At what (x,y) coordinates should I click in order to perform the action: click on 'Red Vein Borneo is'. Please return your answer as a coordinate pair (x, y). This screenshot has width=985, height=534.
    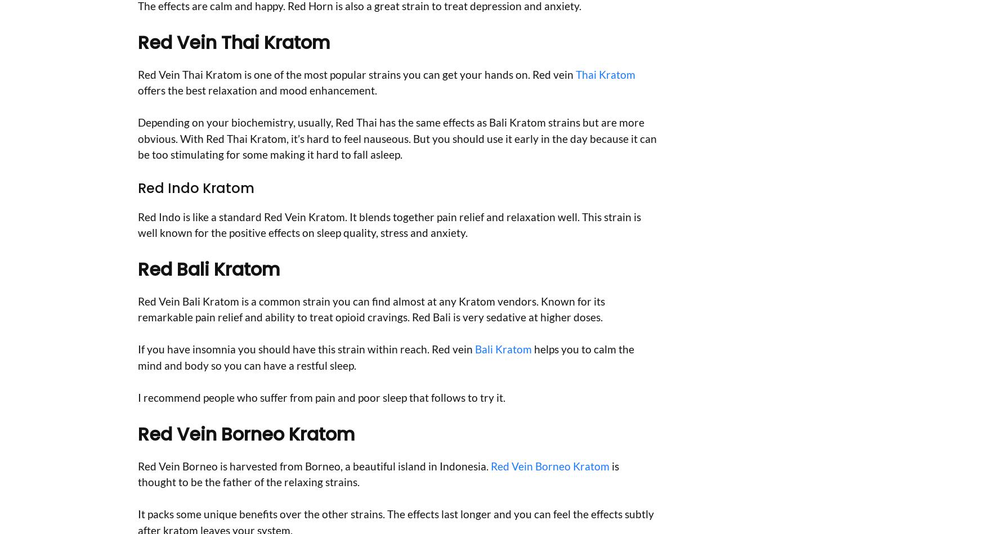
    Looking at the image, I should click on (182, 465).